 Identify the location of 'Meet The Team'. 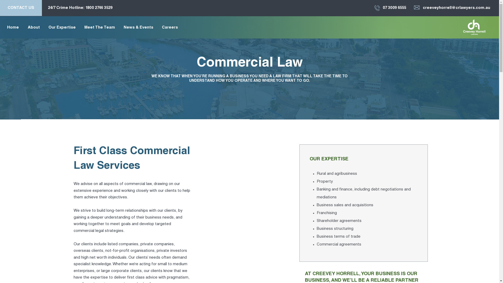
(99, 28).